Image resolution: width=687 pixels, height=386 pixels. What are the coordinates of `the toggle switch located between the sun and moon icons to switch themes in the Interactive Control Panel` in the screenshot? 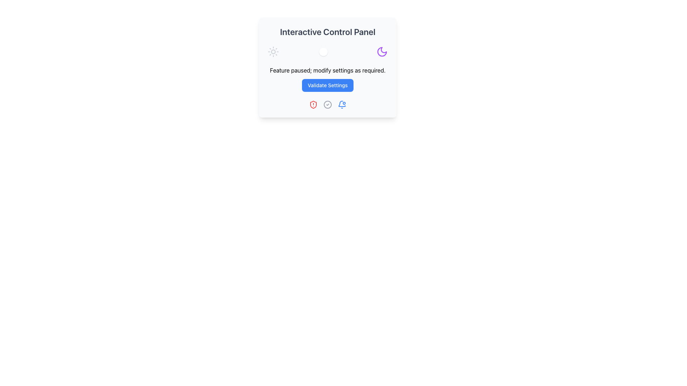 It's located at (327, 51).